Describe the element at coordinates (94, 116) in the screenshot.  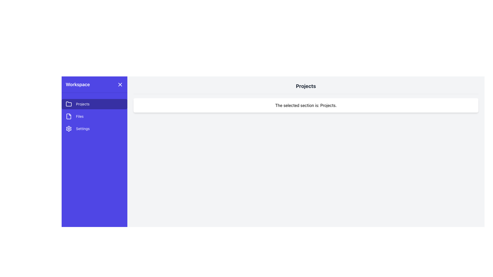
I see `the second item in the left sidebar menu that serves as a navigation link to the 'Files' section` at that location.